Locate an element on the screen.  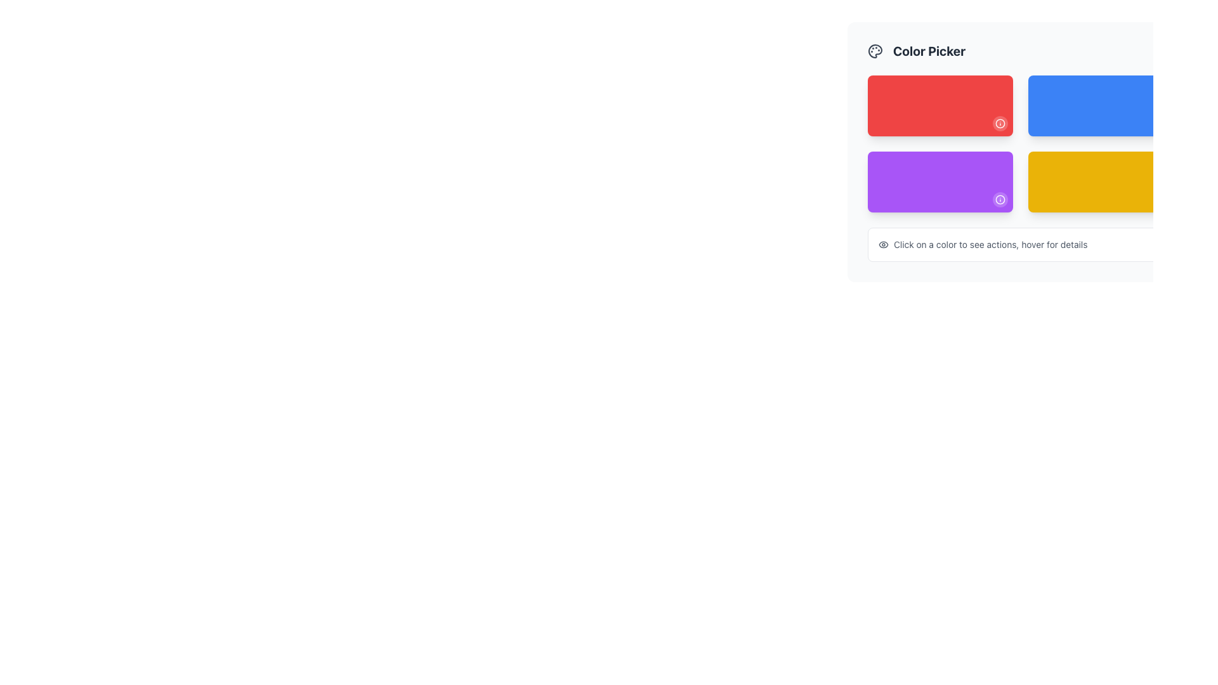
the icon located in the bottom-right corner of the purple rectangle in the color picker interface is located at coordinates (1000, 200).